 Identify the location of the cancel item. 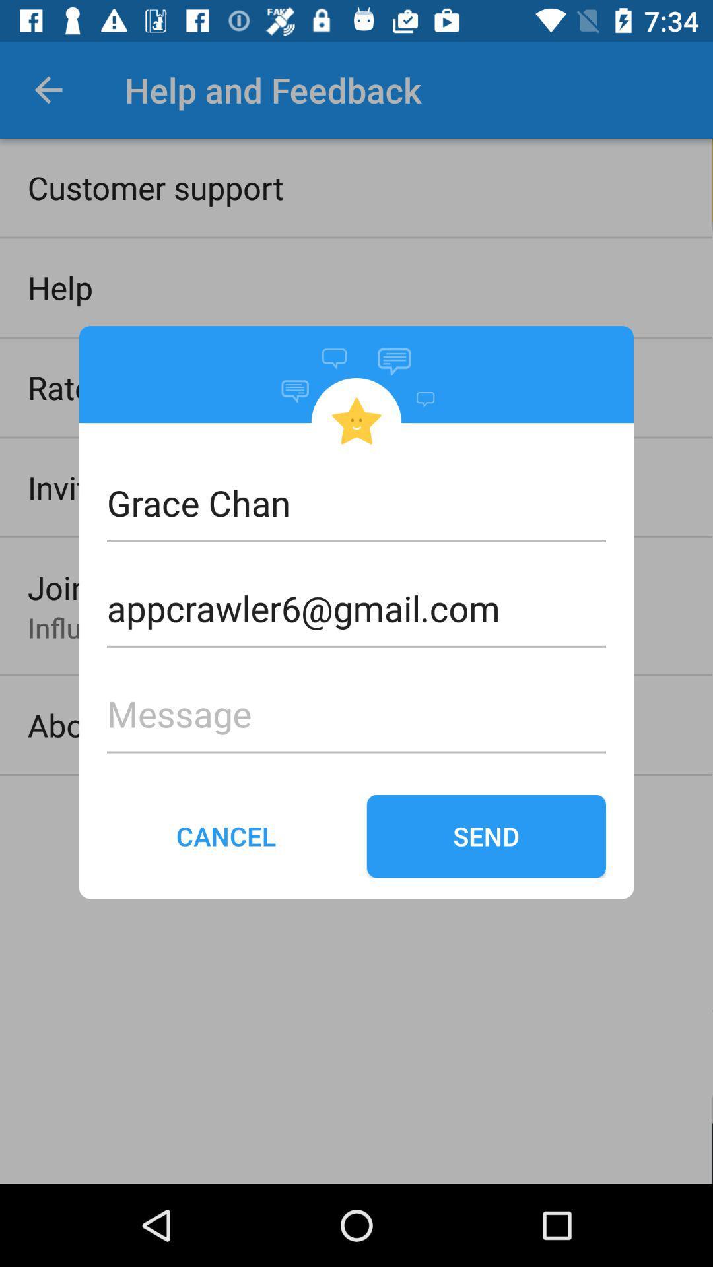
(226, 835).